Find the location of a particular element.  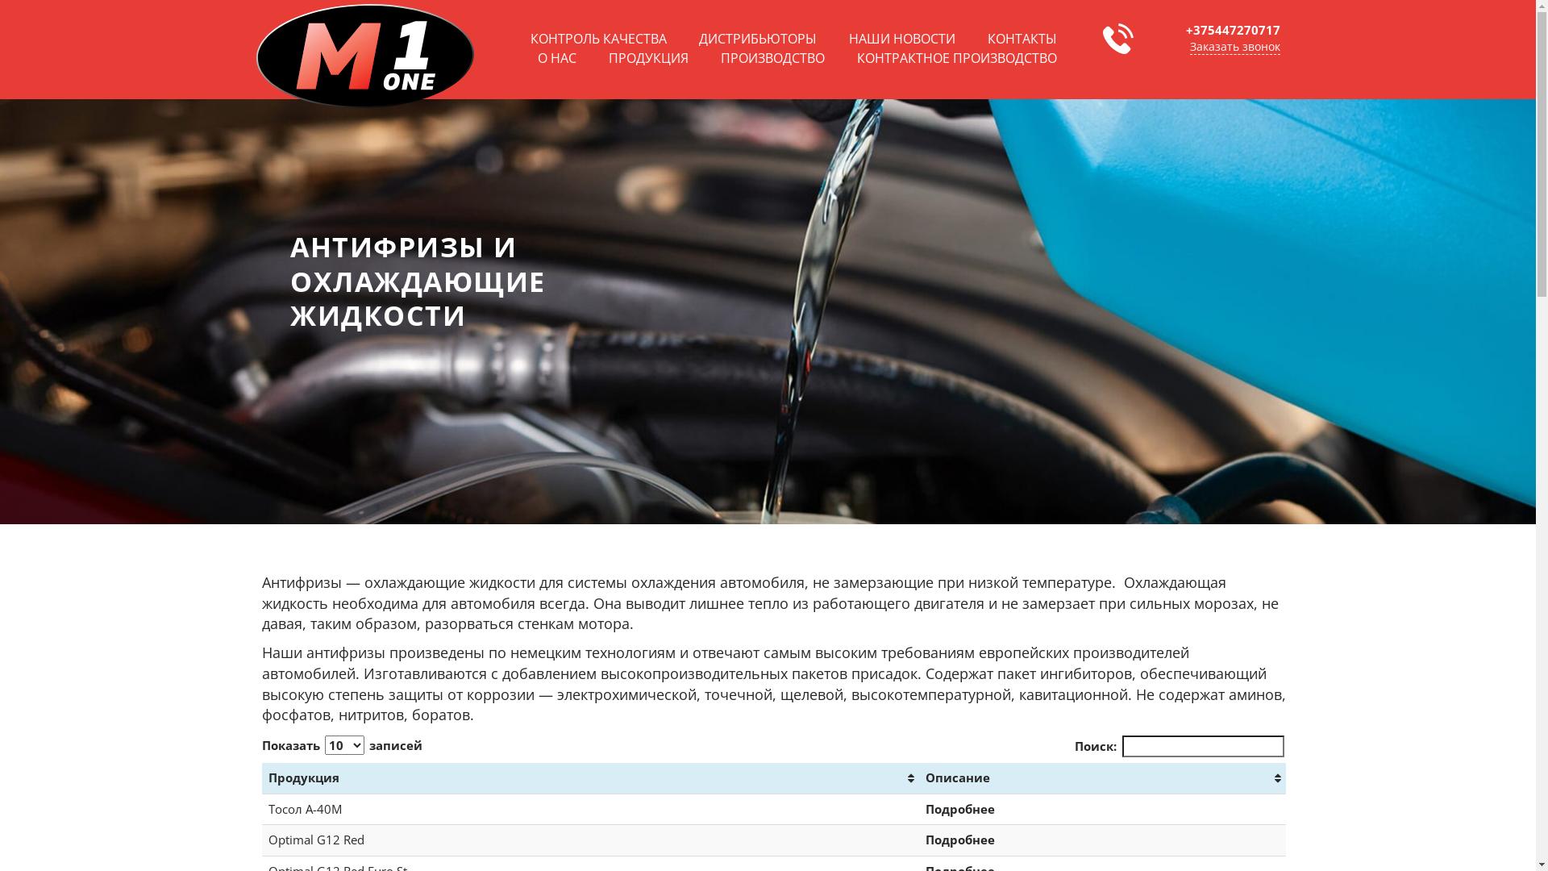

'+375447270717' is located at coordinates (1184, 30).